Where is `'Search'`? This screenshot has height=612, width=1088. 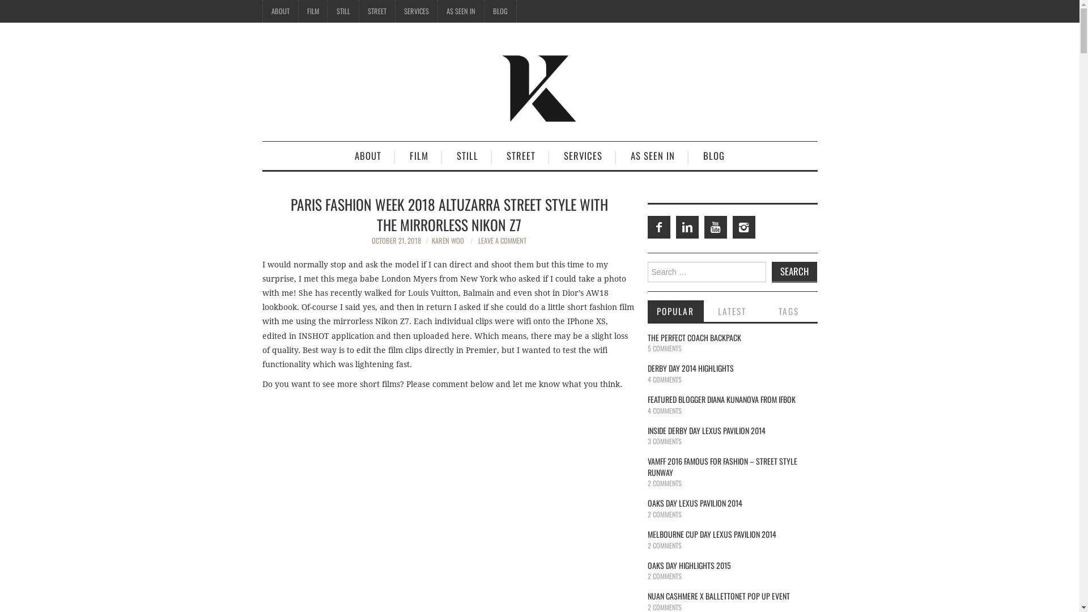
'Search' is located at coordinates (793, 272).